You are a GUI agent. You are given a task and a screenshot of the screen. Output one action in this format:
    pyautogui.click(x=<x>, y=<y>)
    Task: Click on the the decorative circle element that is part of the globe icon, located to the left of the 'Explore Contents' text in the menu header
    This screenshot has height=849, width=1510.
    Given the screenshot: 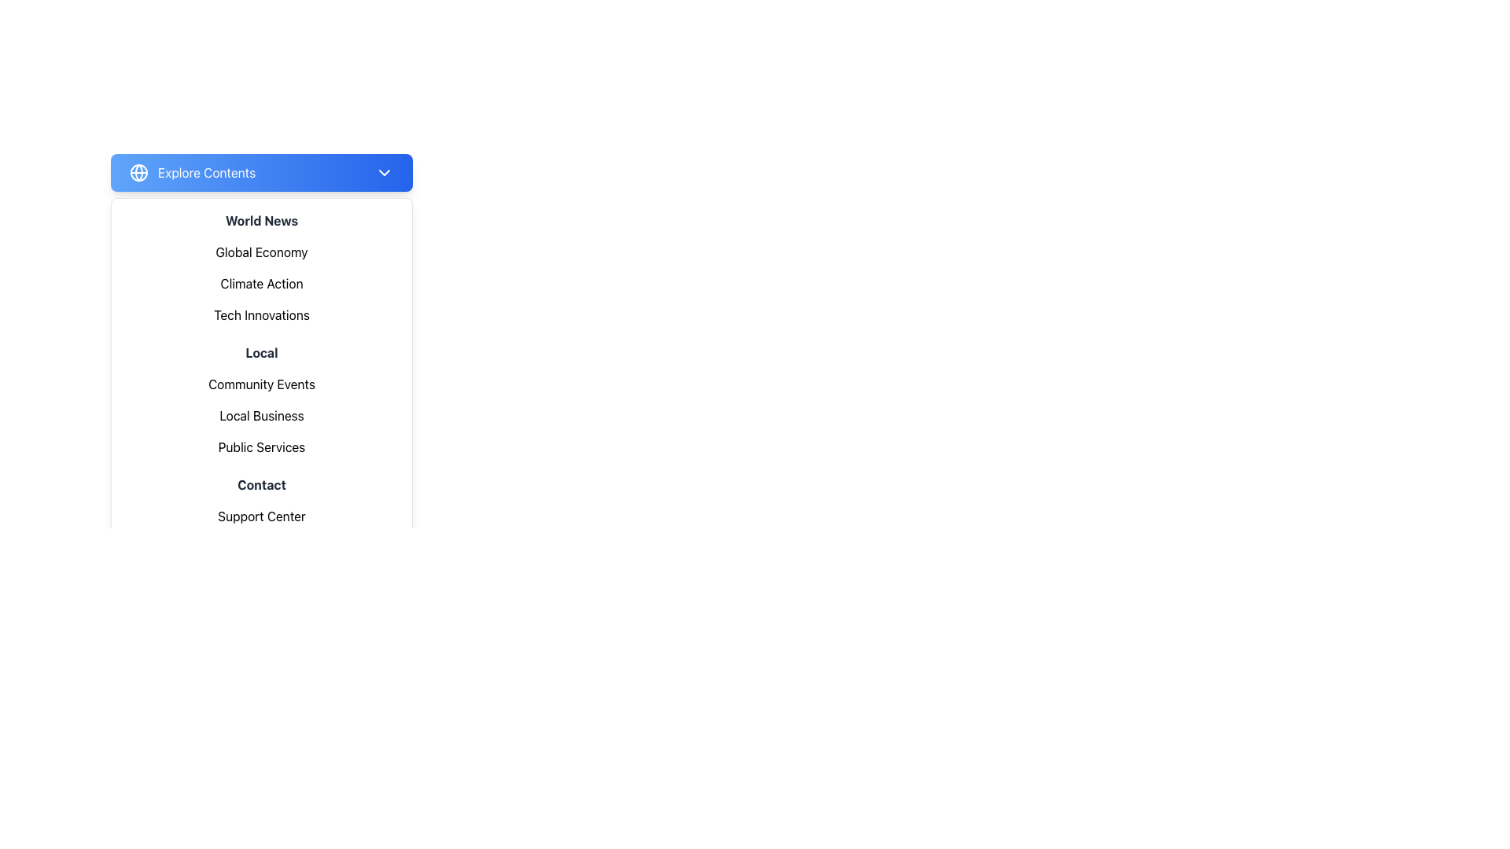 What is the action you would take?
    pyautogui.click(x=139, y=172)
    